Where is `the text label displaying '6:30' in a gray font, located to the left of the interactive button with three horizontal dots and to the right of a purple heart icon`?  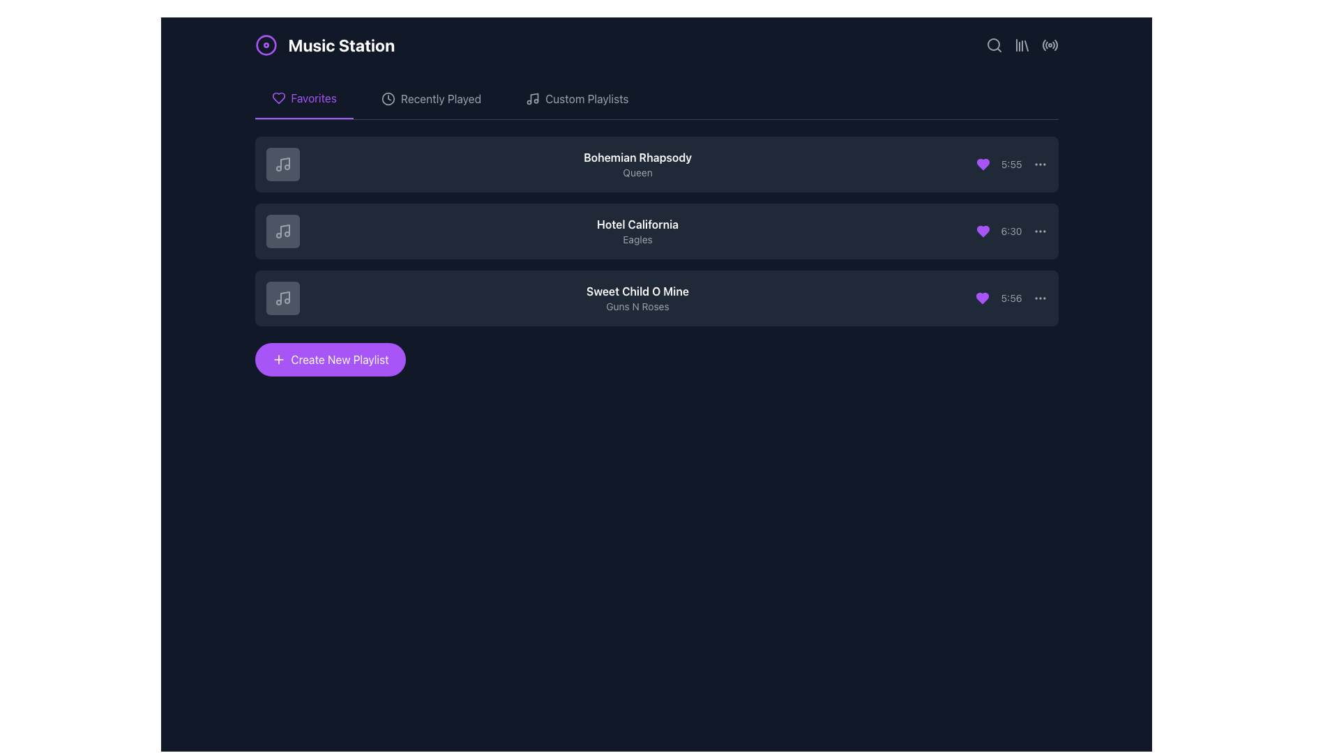 the text label displaying '6:30' in a gray font, located to the left of the interactive button with three horizontal dots and to the right of a purple heart icon is located at coordinates (1011, 230).